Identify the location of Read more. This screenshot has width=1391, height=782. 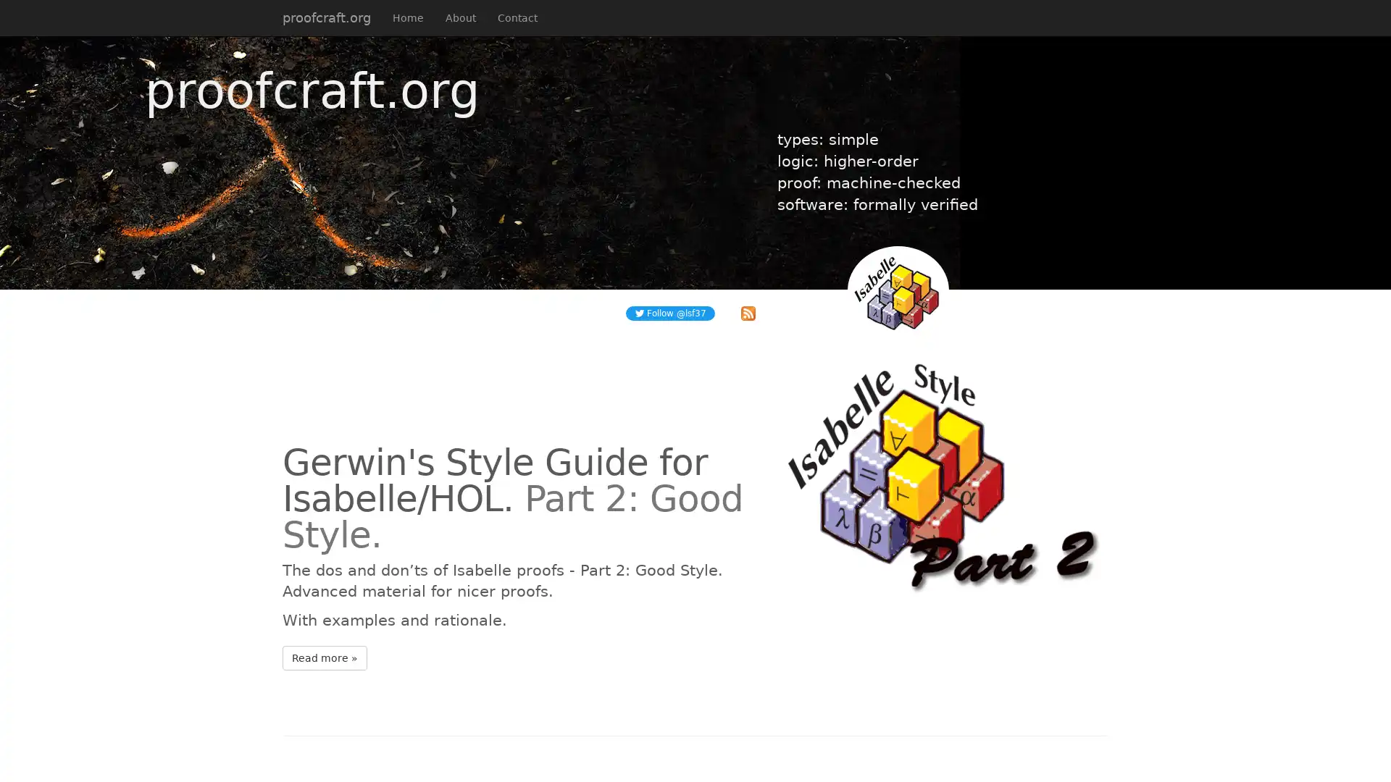
(324, 658).